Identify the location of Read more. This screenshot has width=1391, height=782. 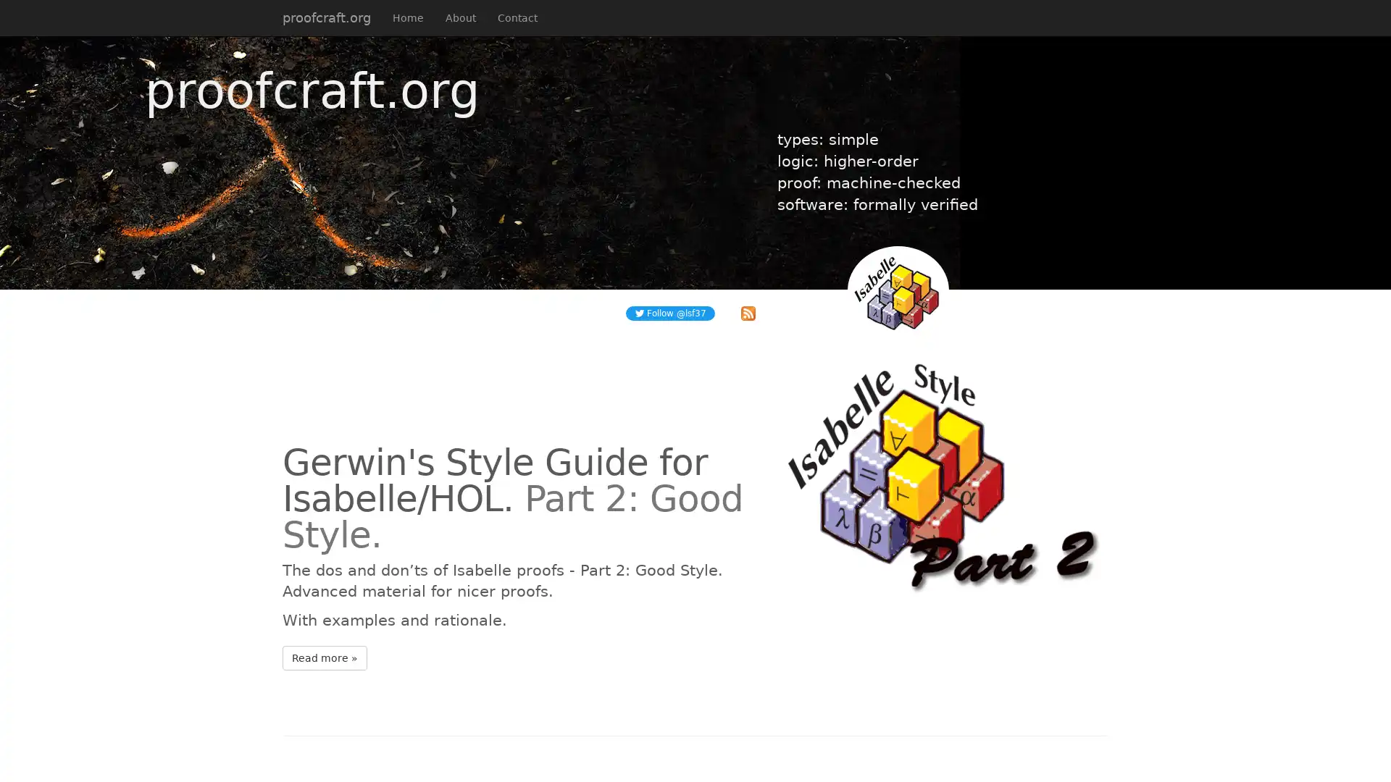
(324, 658).